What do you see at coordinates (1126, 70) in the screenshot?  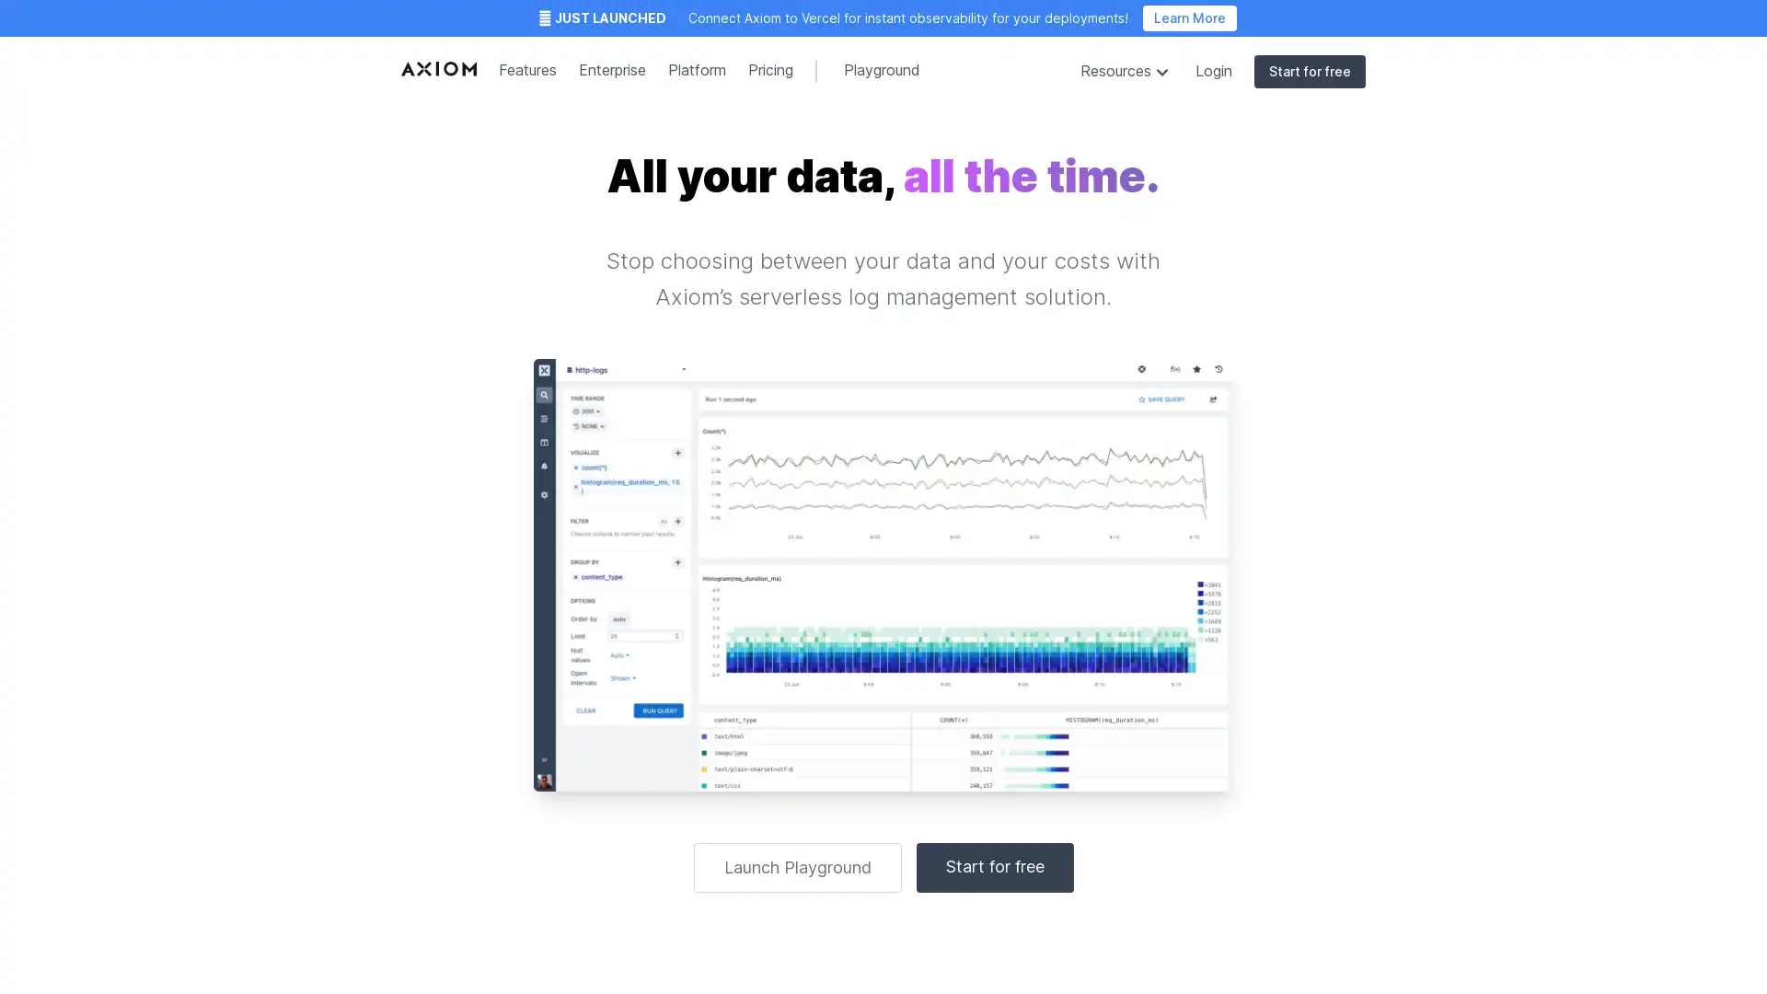 I see `Resources` at bounding box center [1126, 70].